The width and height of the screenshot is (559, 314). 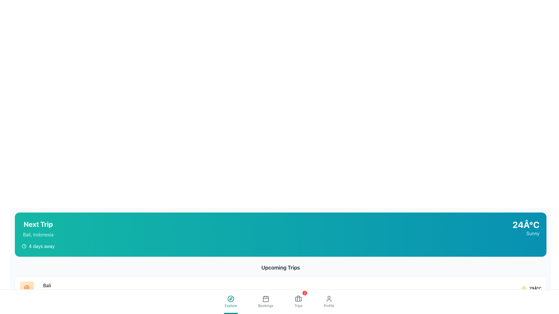 I want to click on the 'Profile' text label in the bottom-right corner of the navigation bar, which indicates the Profile section of the application, so click(x=329, y=306).